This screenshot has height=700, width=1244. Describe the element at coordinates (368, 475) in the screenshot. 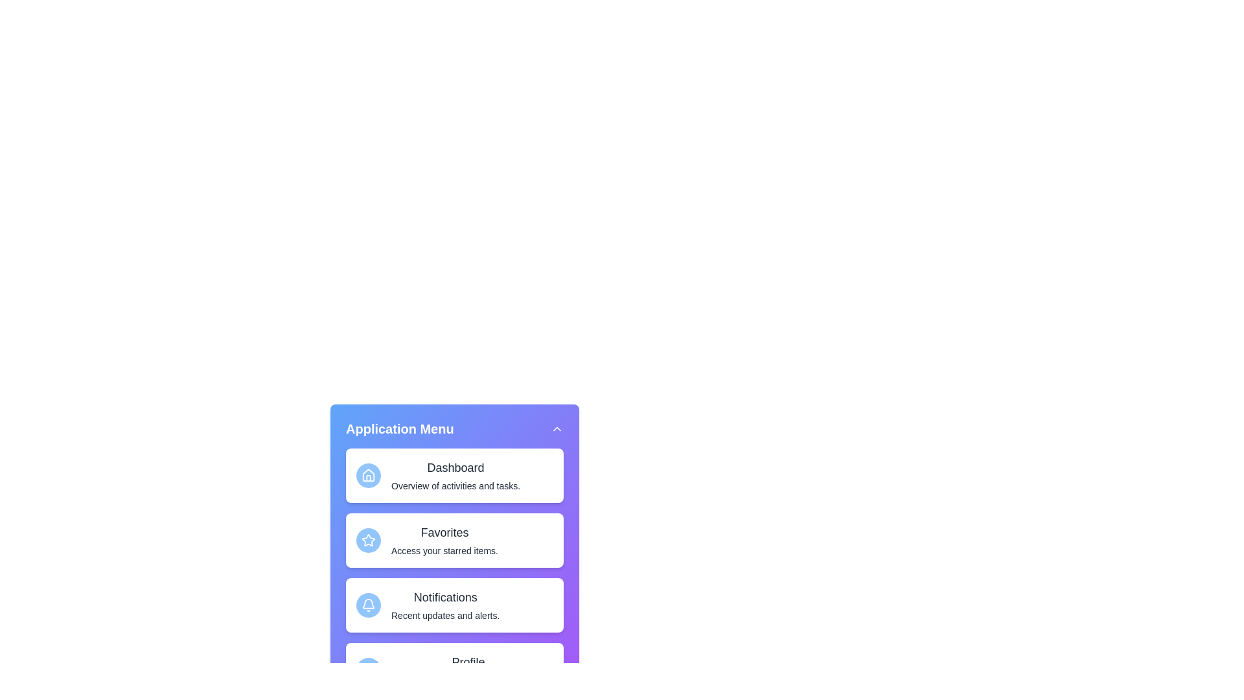

I see `the icon of the menu item Dashboard` at that location.